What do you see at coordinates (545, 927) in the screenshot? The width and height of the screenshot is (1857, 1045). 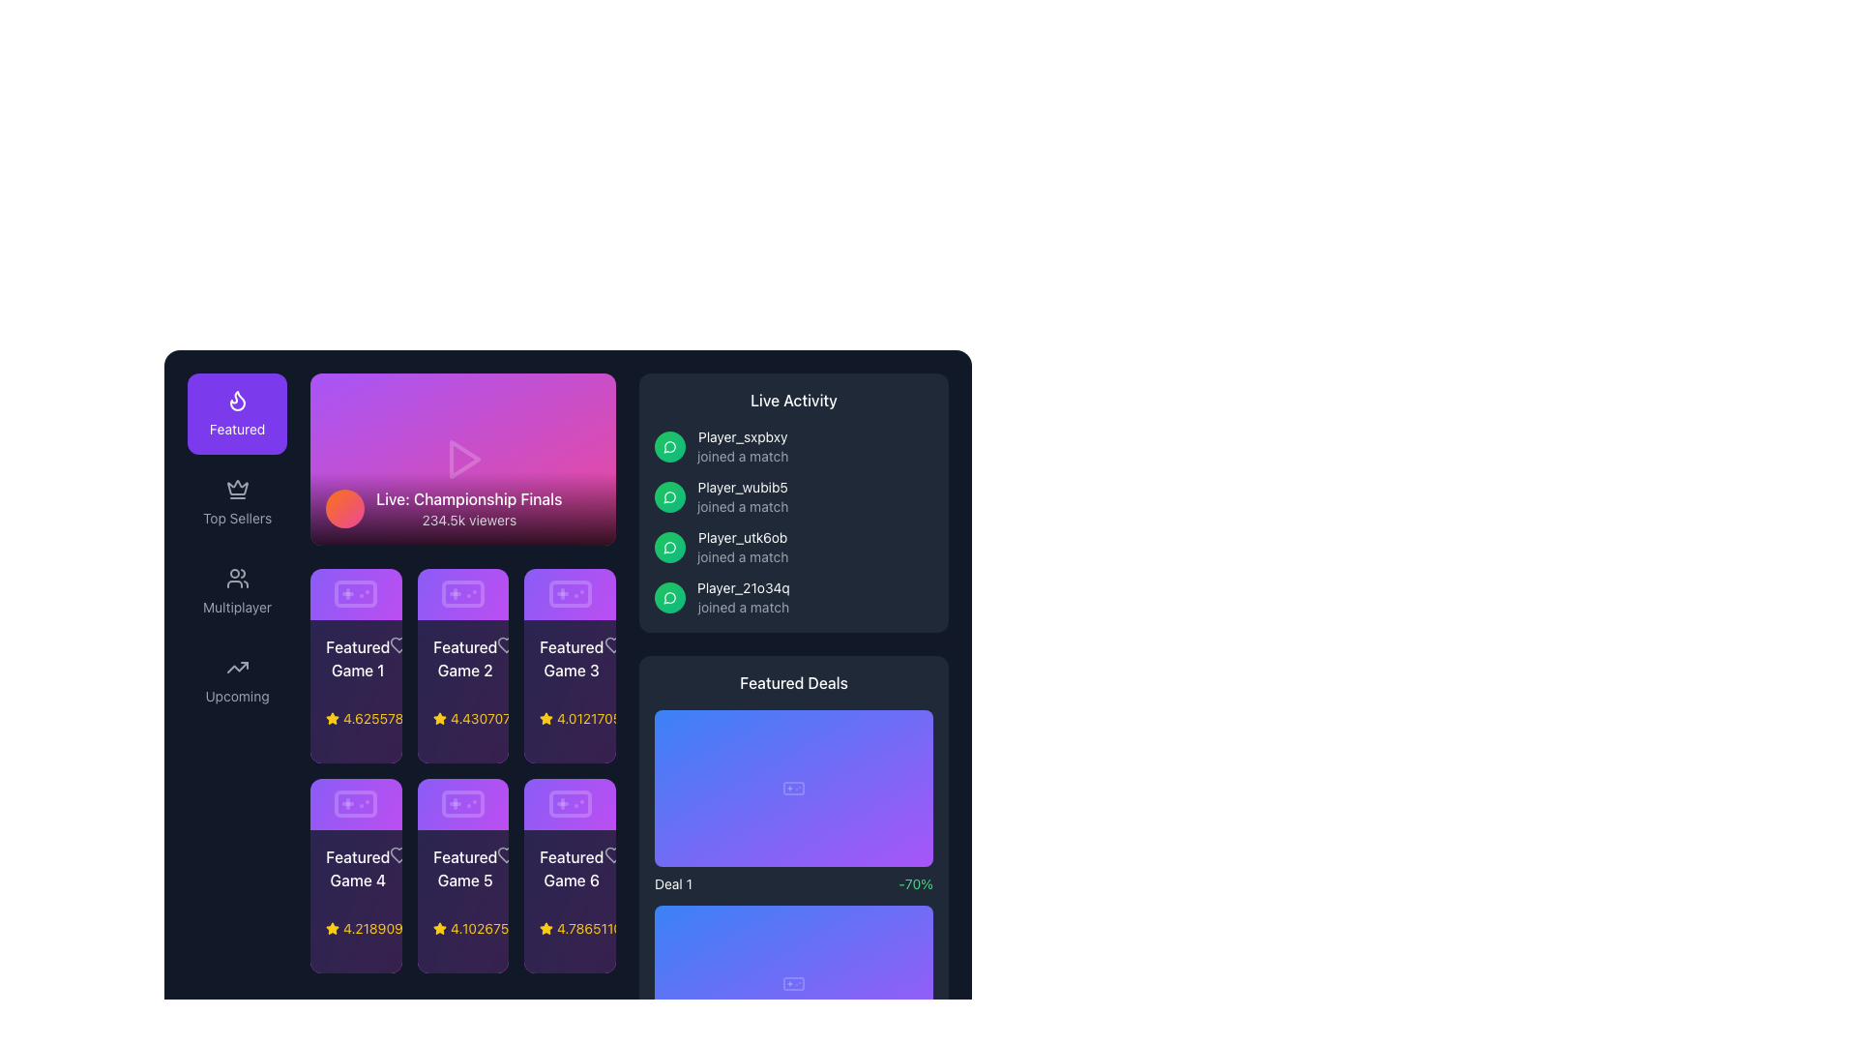 I see `the star-shaped icon filled with yellow color, located in the bottom row of the grid under 'Featured Game 6'` at bounding box center [545, 927].